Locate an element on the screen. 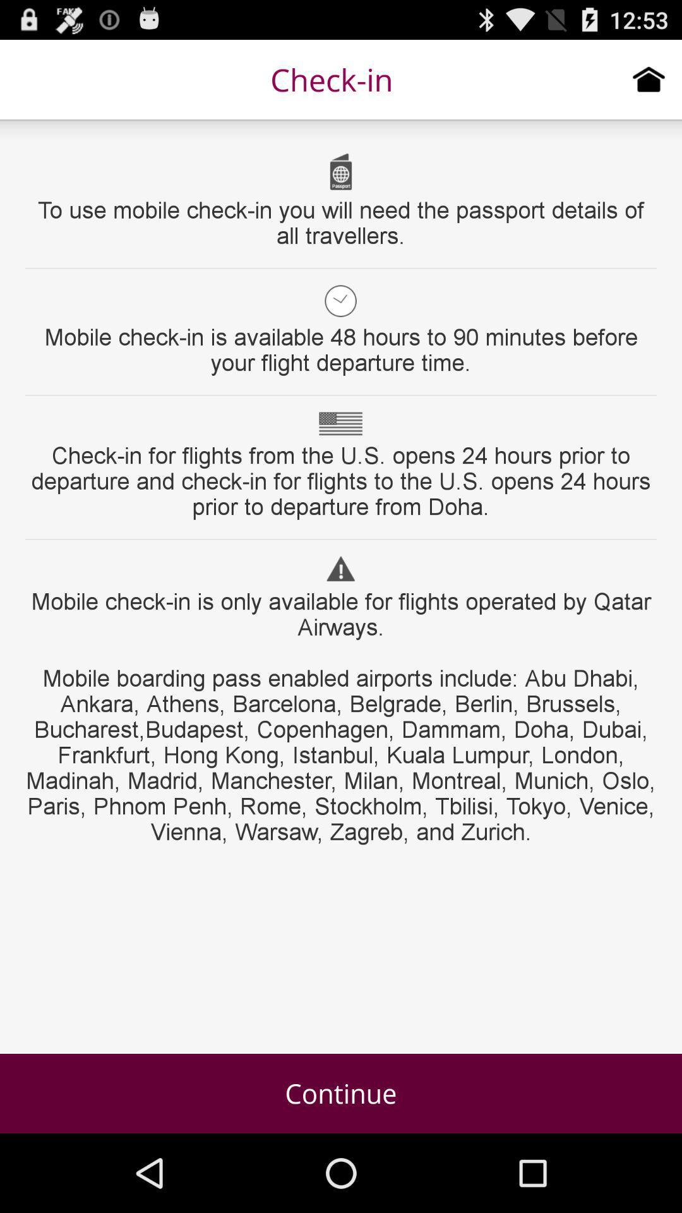 Image resolution: width=682 pixels, height=1213 pixels. home menu is located at coordinates (649, 78).